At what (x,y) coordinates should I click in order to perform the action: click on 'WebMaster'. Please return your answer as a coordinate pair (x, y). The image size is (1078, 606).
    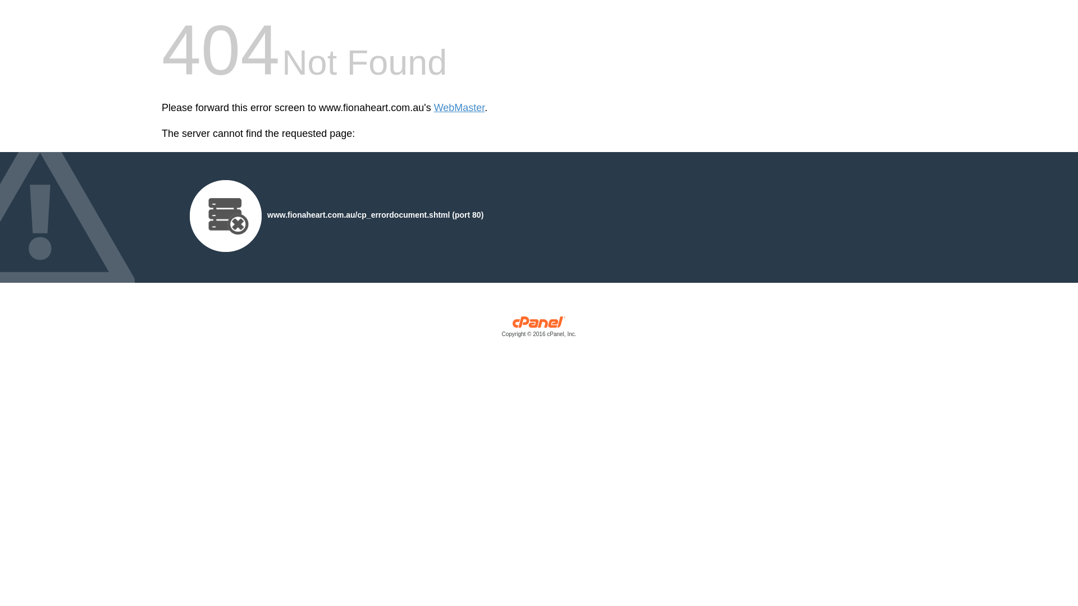
    Looking at the image, I should click on (459, 108).